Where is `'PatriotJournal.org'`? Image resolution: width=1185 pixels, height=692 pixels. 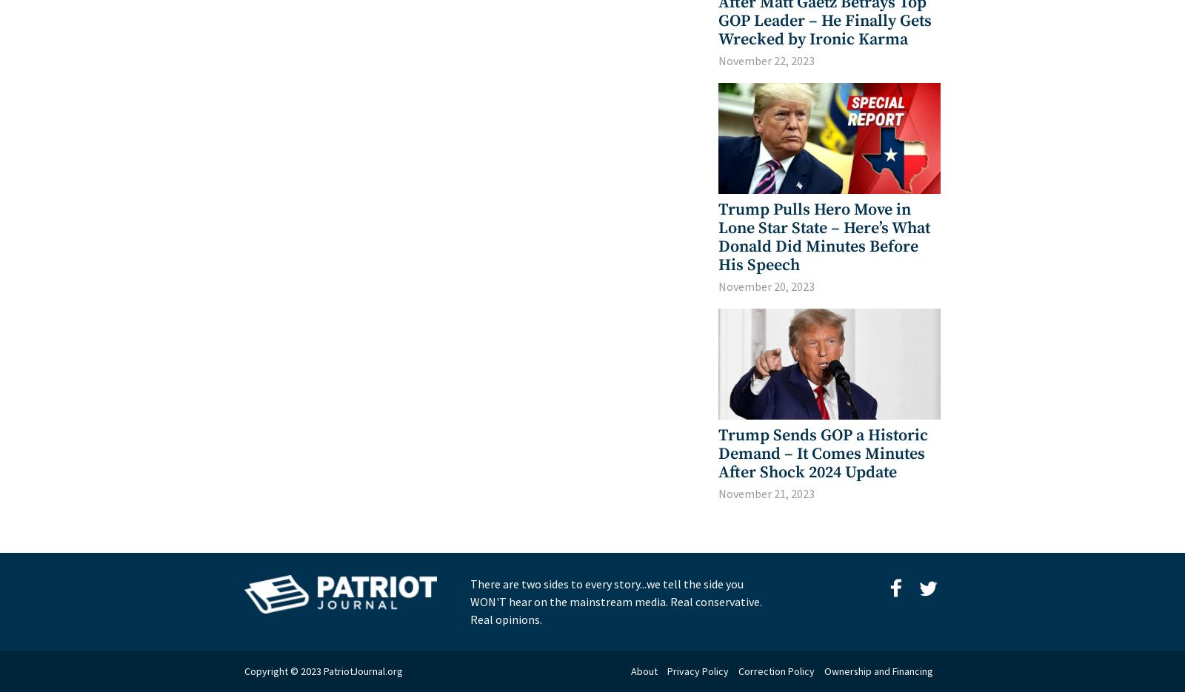
'PatriotJournal.org' is located at coordinates (362, 671).